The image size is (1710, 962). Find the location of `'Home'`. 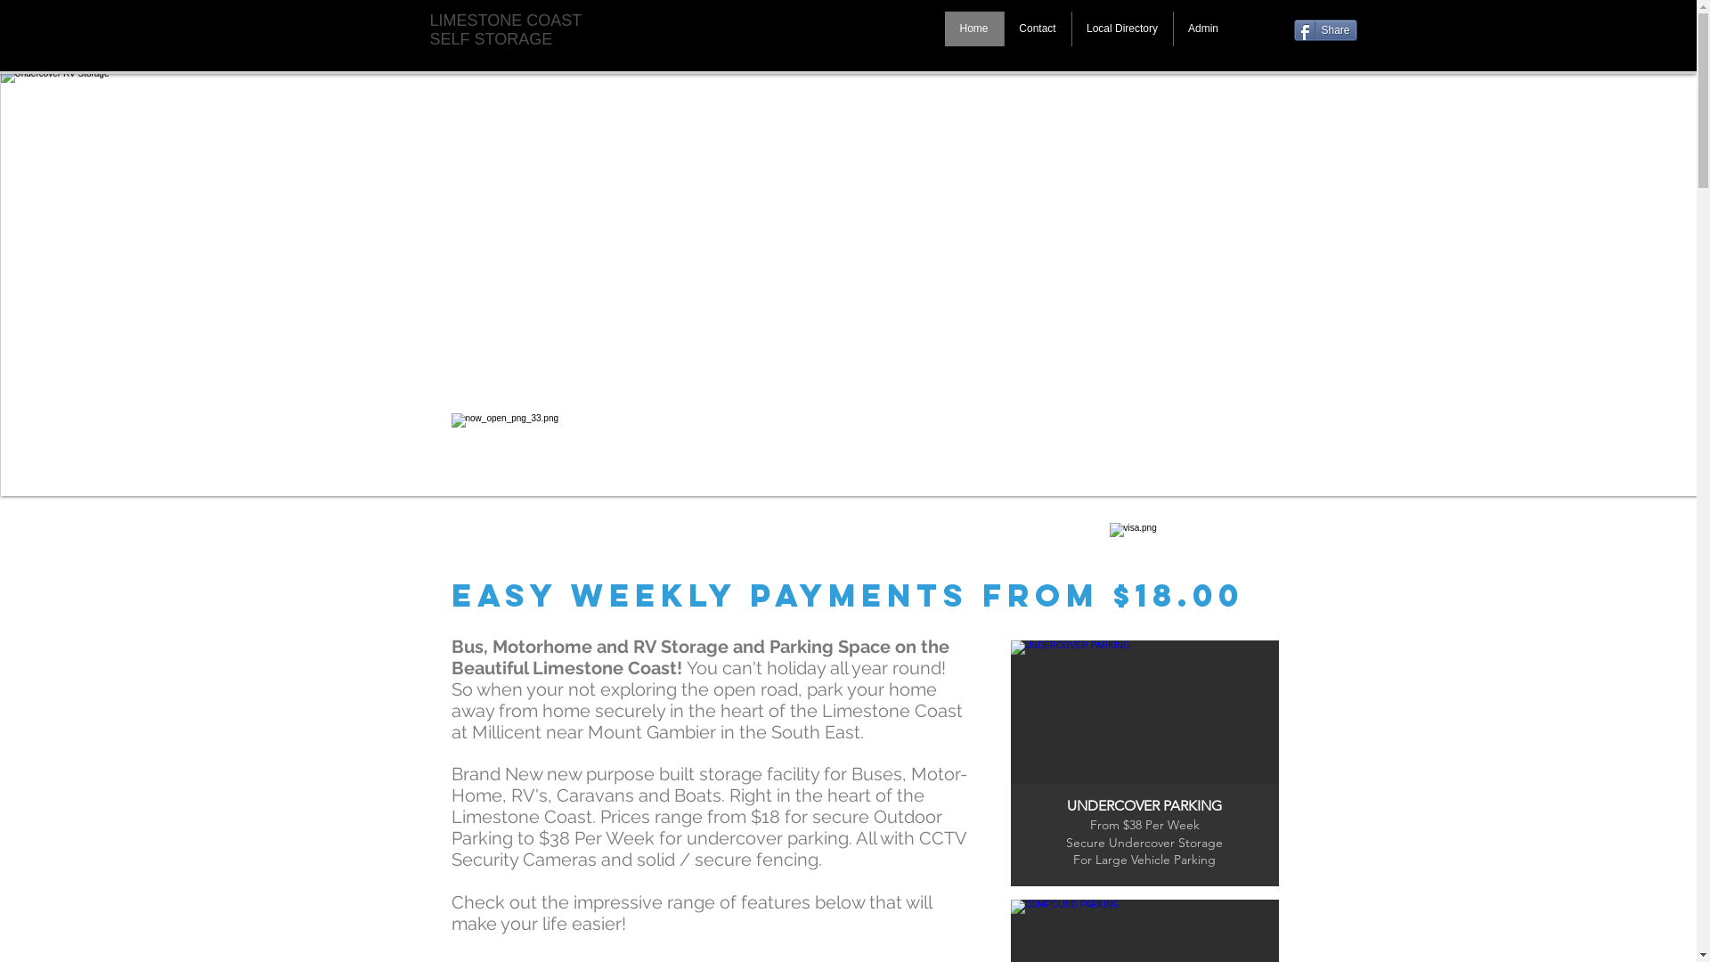

'Home' is located at coordinates (973, 29).